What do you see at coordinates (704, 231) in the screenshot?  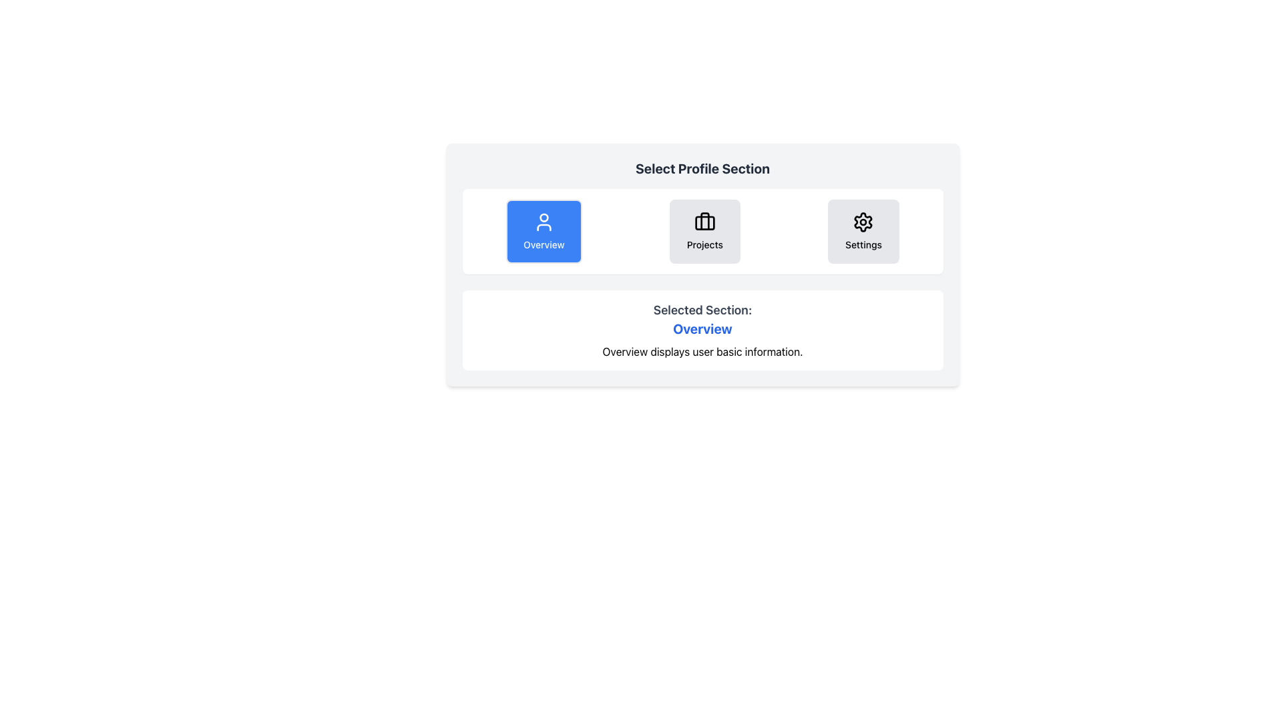 I see `the 'Projects' button, which is the center element among three horizontally aligned buttons, positioned between the 'Overview' button on the left and the 'Settings' button on the right` at bounding box center [704, 231].